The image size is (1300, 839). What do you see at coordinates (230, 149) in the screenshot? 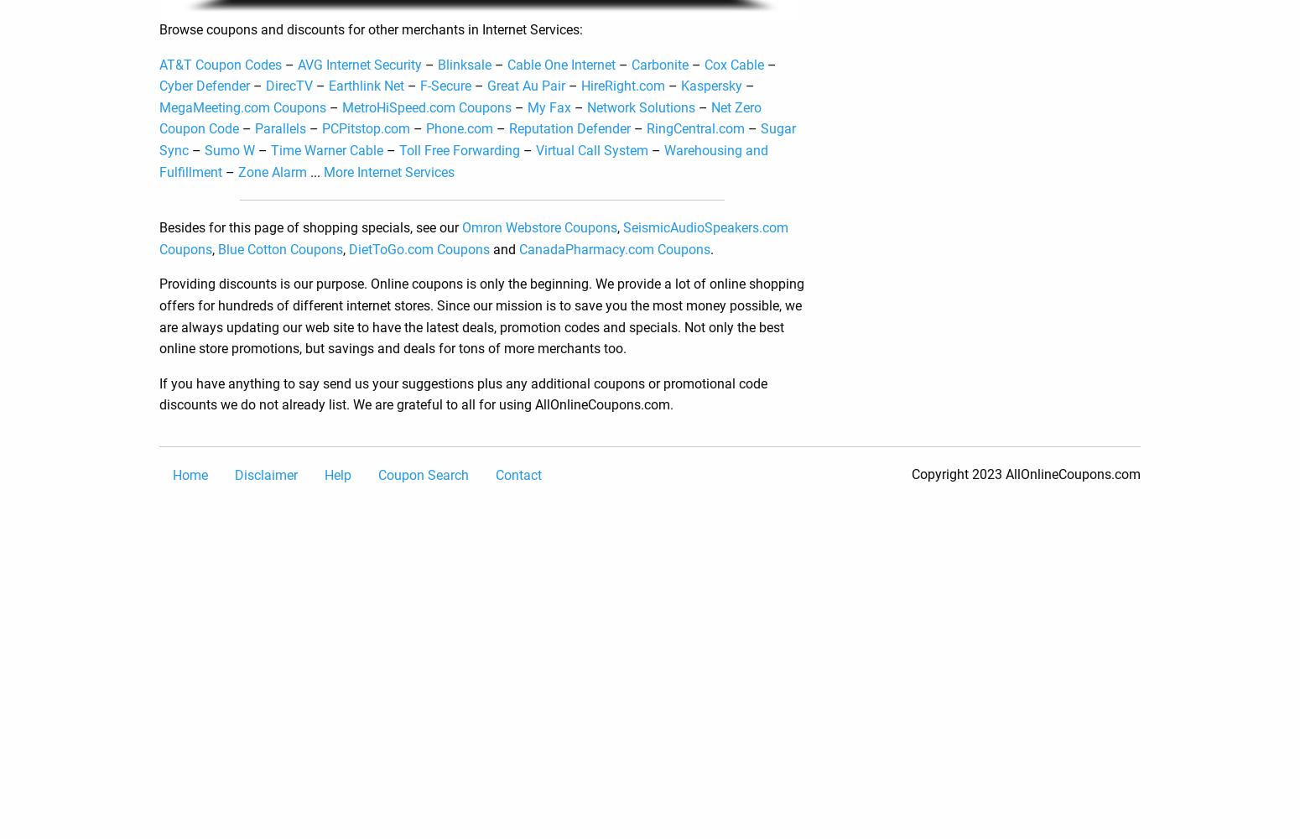
I see `'Sumo W'` at bounding box center [230, 149].